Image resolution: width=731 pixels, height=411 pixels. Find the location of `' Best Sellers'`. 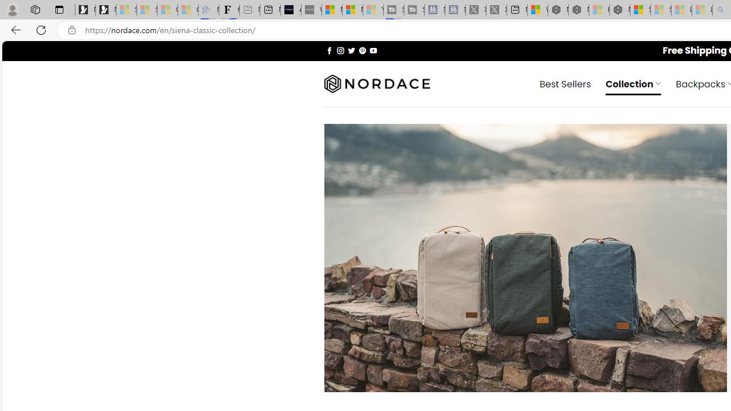

' Best Sellers' is located at coordinates (565, 83).